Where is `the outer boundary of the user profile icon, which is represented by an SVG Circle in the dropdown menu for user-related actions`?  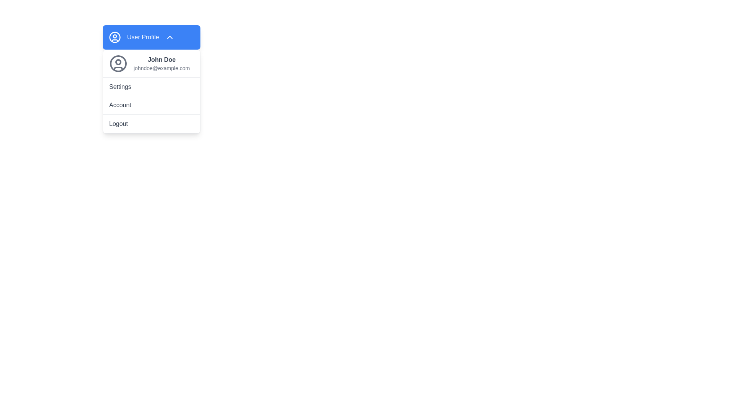
the outer boundary of the user profile icon, which is represented by an SVG Circle in the dropdown menu for user-related actions is located at coordinates (115, 37).